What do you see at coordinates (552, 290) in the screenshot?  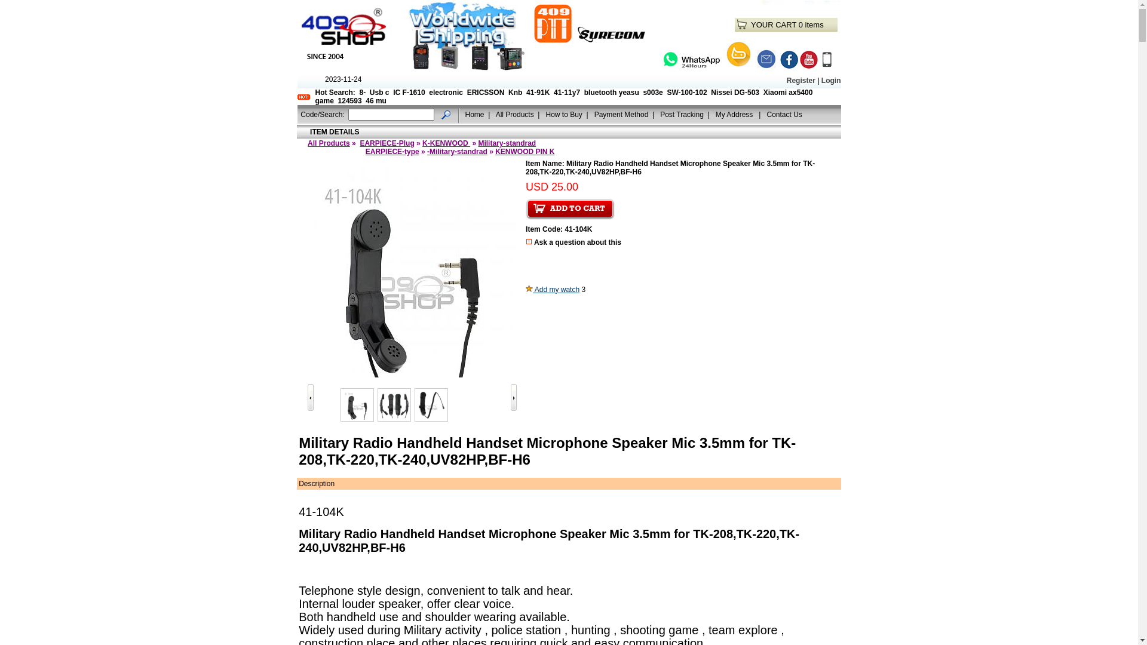 I see `' Add my watch'` at bounding box center [552, 290].